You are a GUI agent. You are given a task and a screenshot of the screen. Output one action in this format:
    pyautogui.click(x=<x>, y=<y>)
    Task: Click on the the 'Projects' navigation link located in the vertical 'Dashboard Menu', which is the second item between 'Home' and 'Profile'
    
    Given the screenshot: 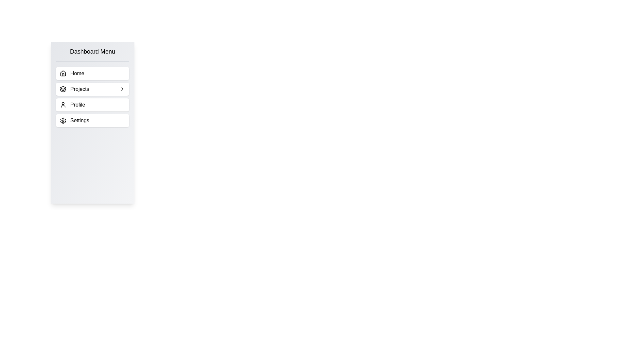 What is the action you would take?
    pyautogui.click(x=74, y=89)
    